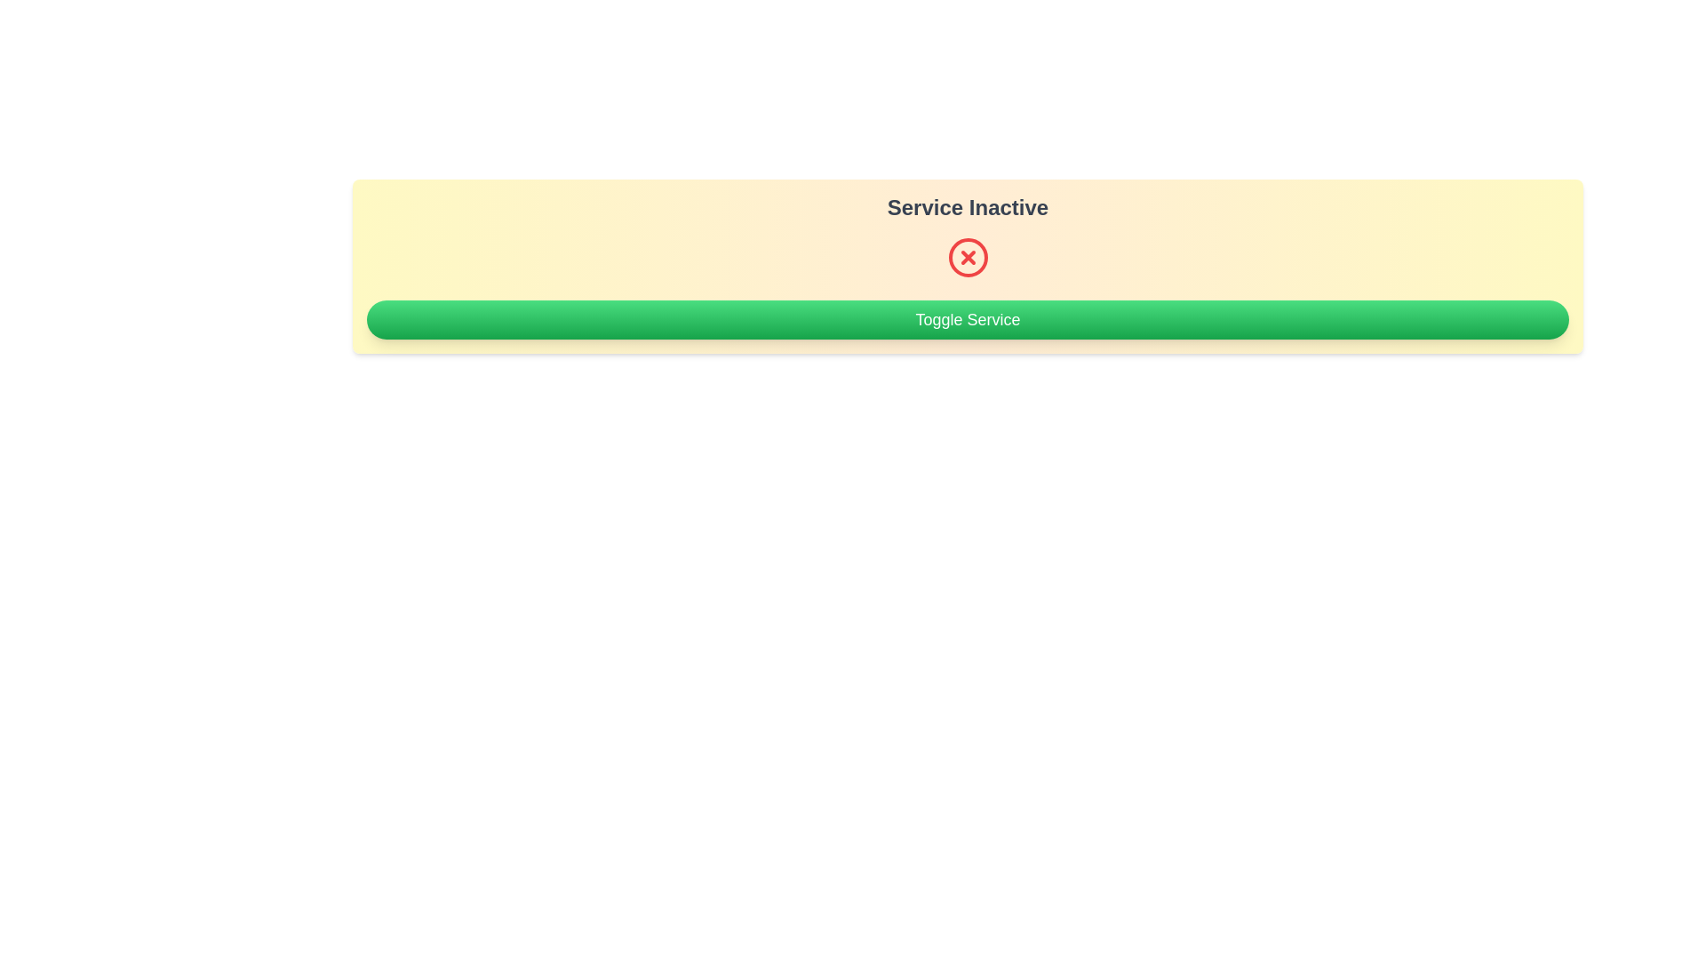  What do you see at coordinates (967, 257) in the screenshot?
I see `the red circular icon with an 'X' symbol centered between the heading 'Service Inactive' and the green button 'Toggle Service'` at bounding box center [967, 257].